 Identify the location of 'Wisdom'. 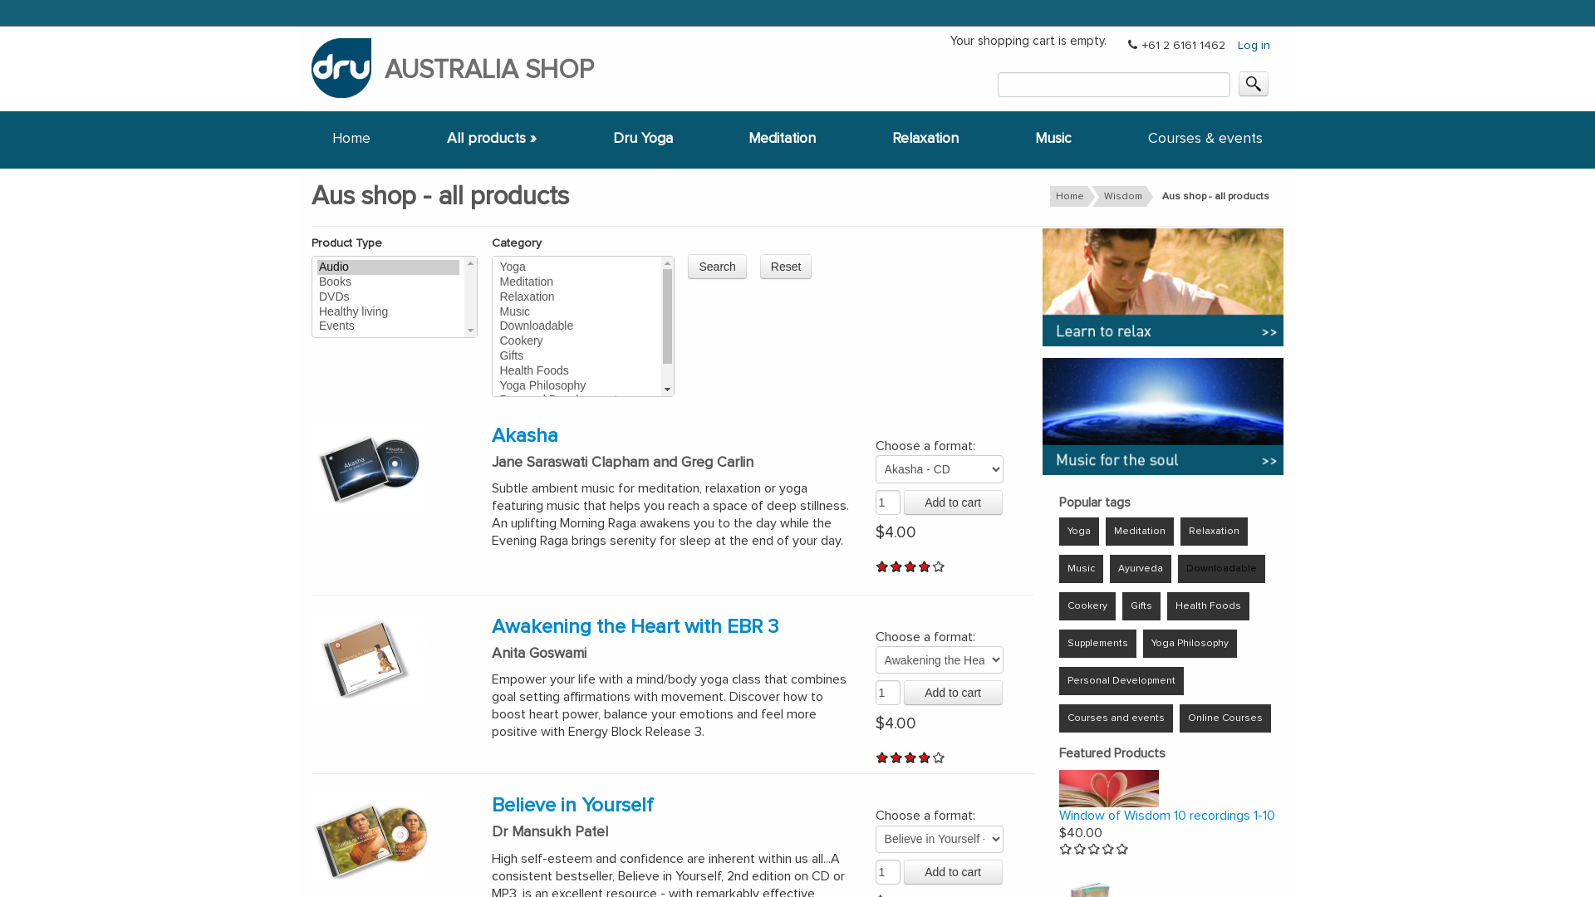
(1121, 195).